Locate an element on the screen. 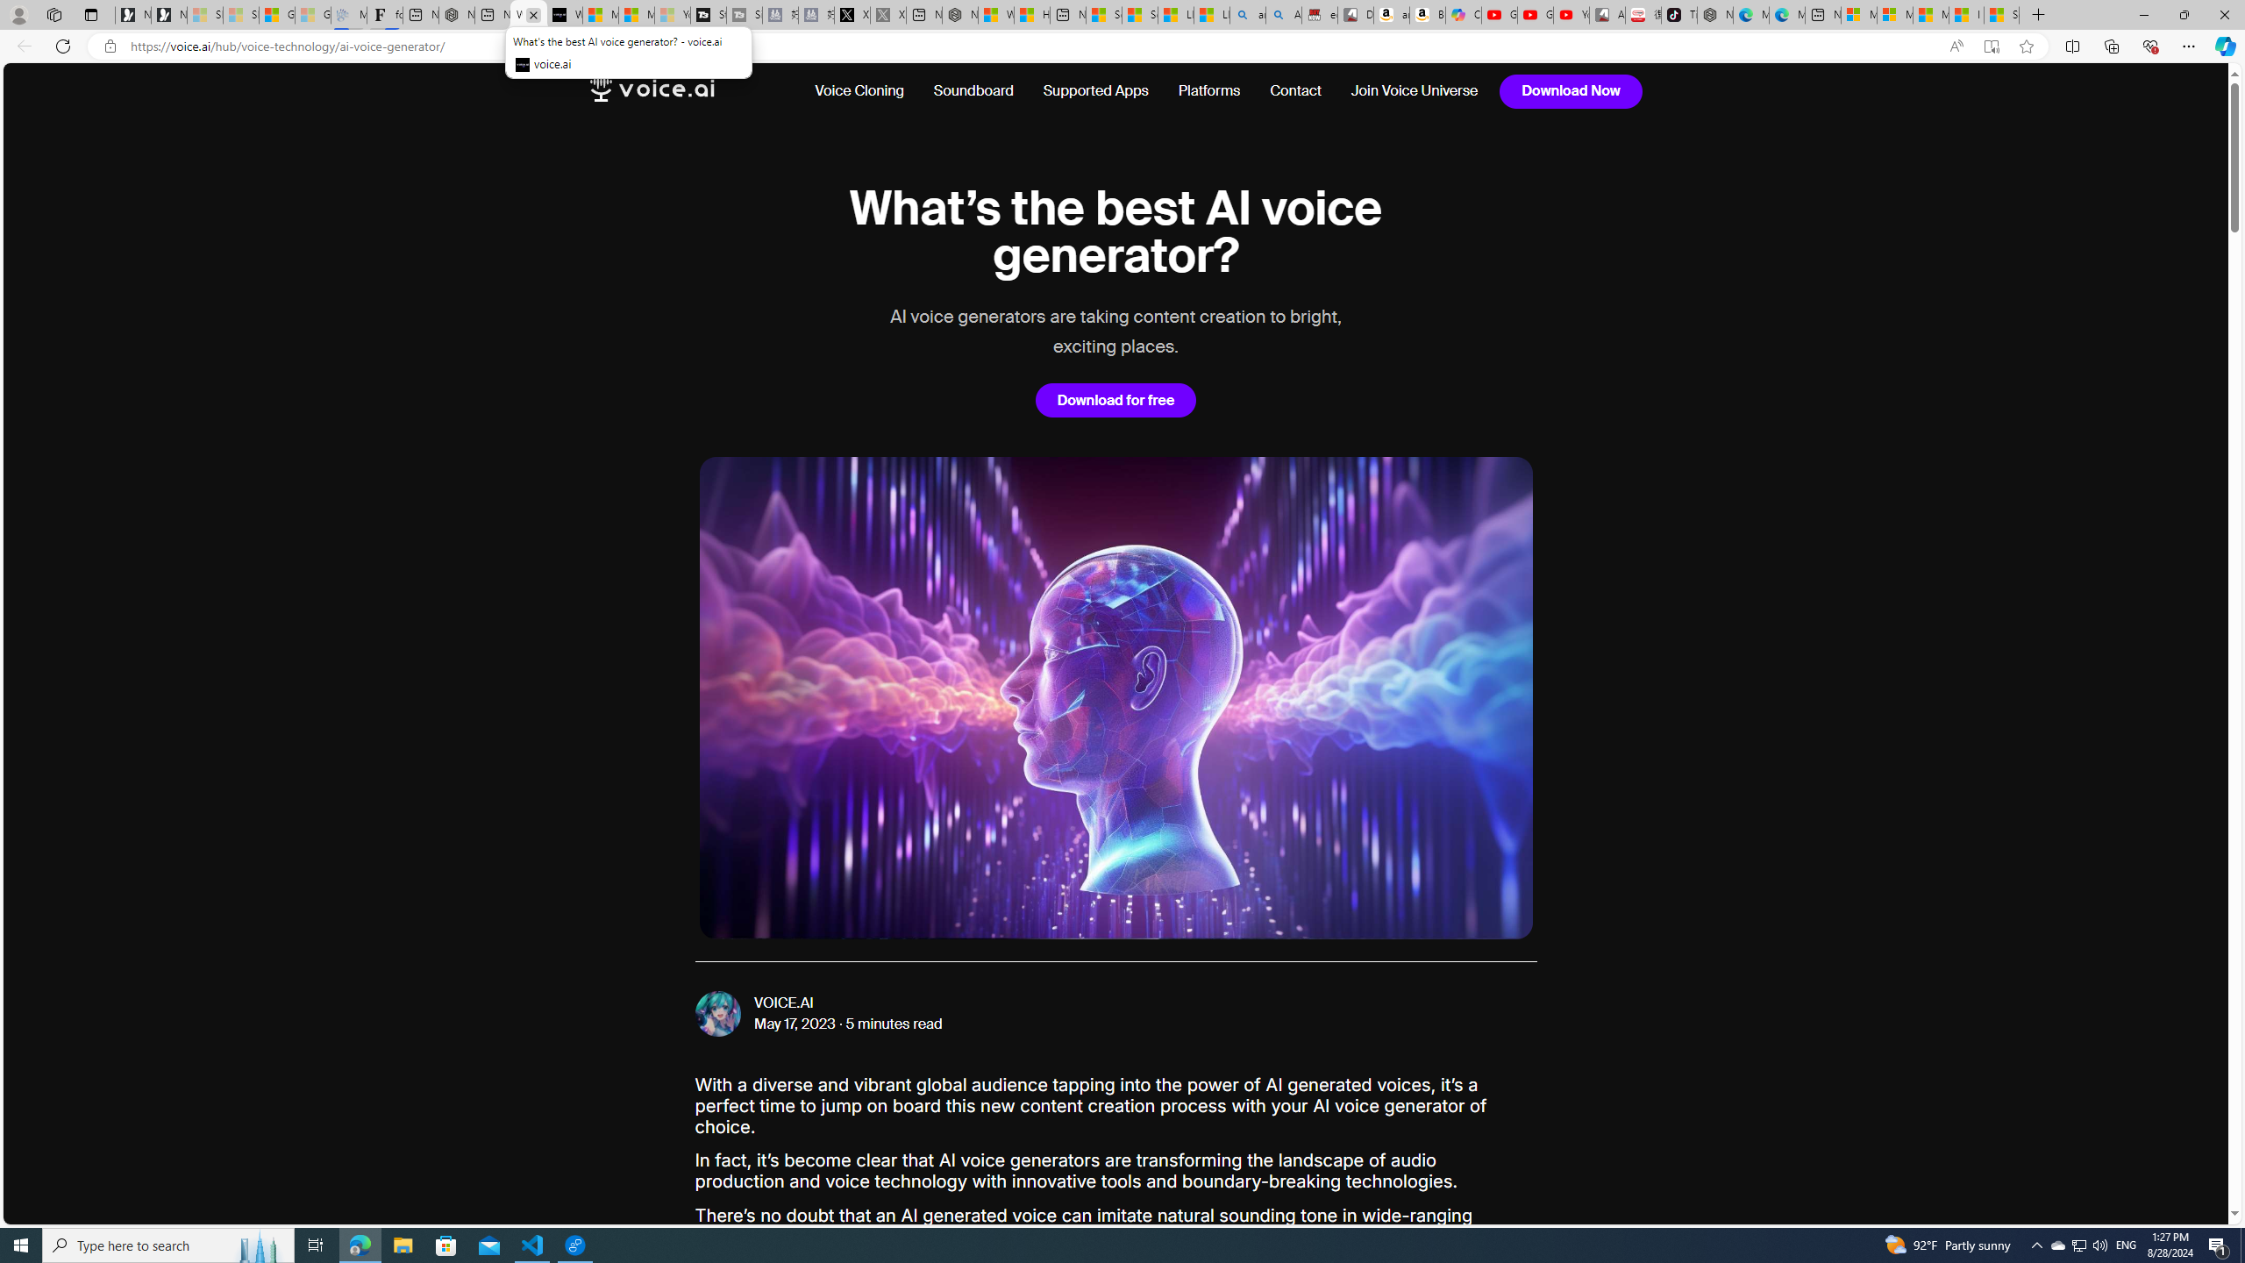  '5 minutes read' is located at coordinates (894, 1024).